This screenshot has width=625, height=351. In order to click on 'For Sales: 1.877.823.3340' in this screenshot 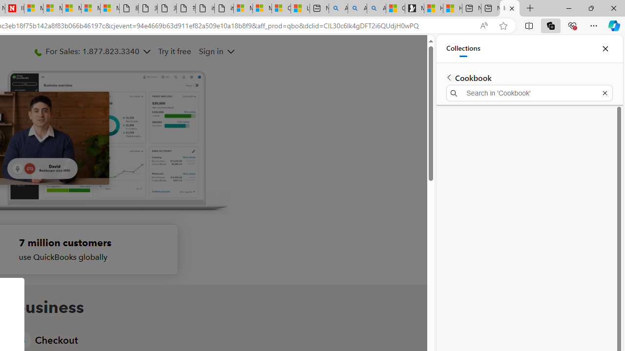, I will do `click(92, 51)`.